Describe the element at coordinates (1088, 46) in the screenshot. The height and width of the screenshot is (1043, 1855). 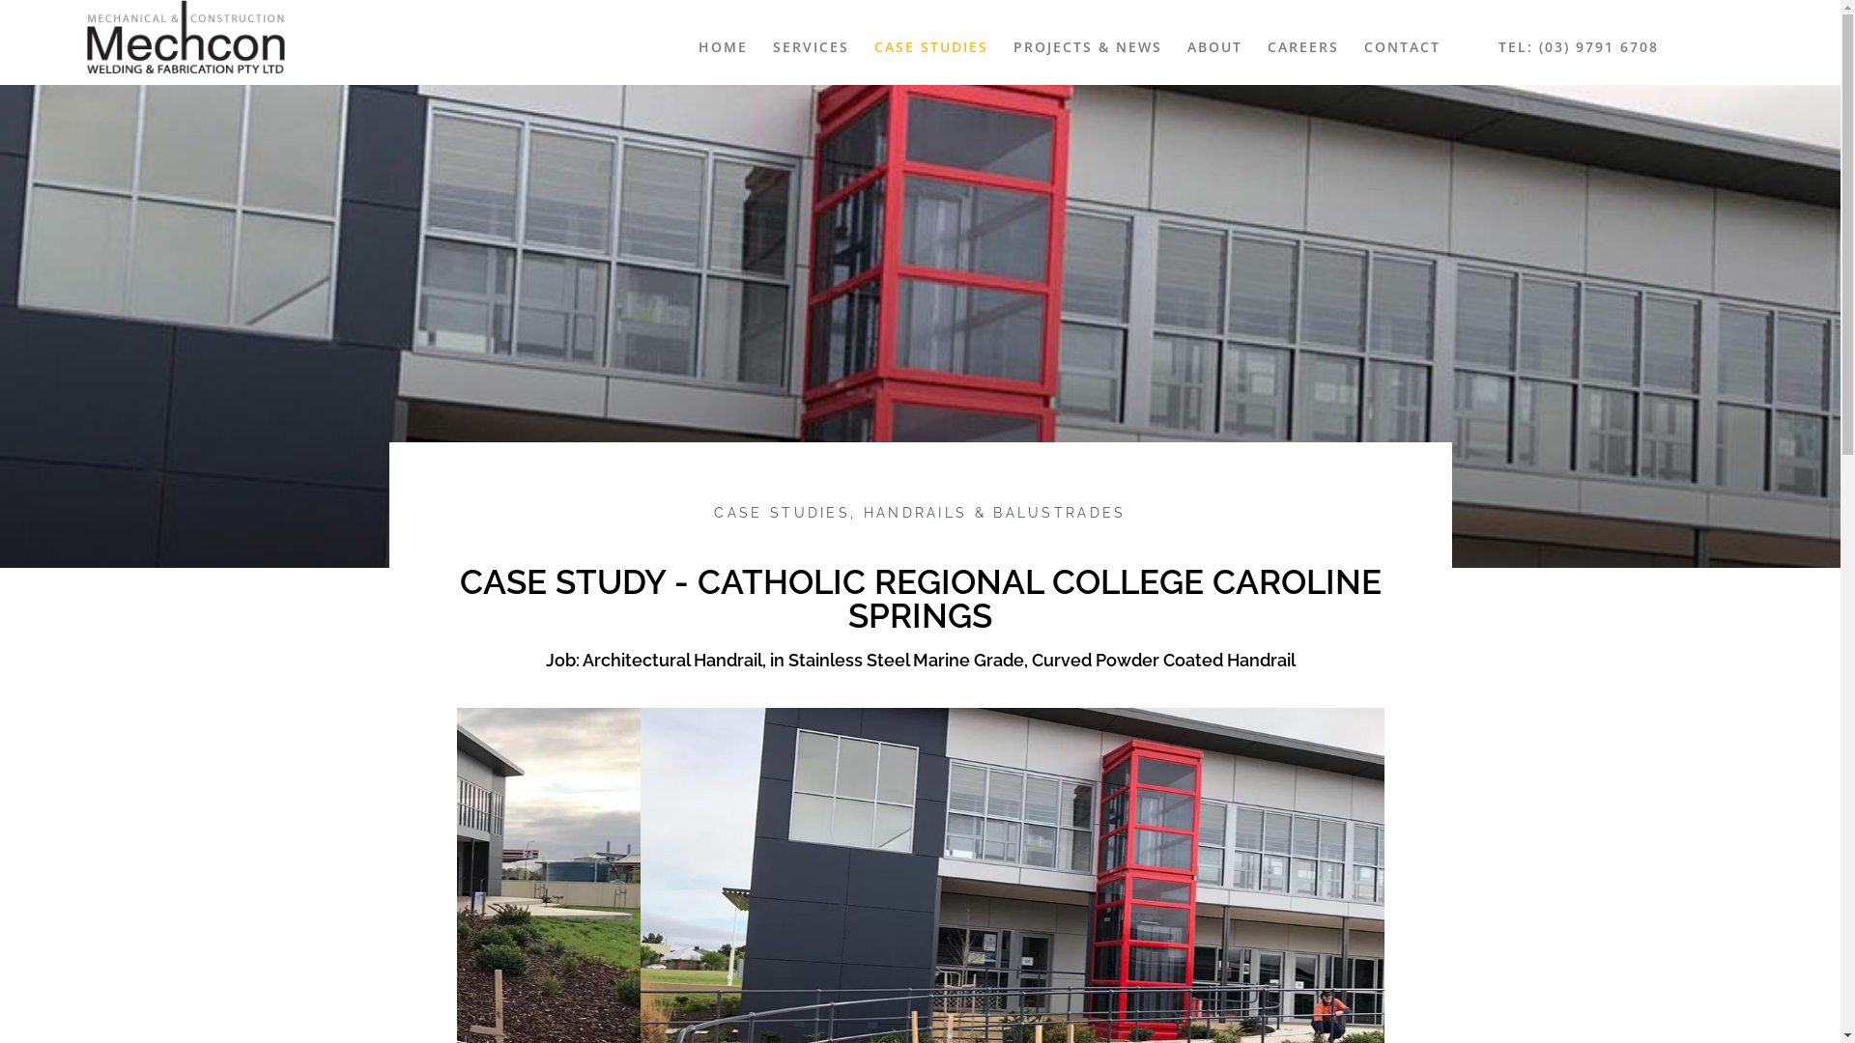
I see `'PROJECTS & NEWS'` at that location.